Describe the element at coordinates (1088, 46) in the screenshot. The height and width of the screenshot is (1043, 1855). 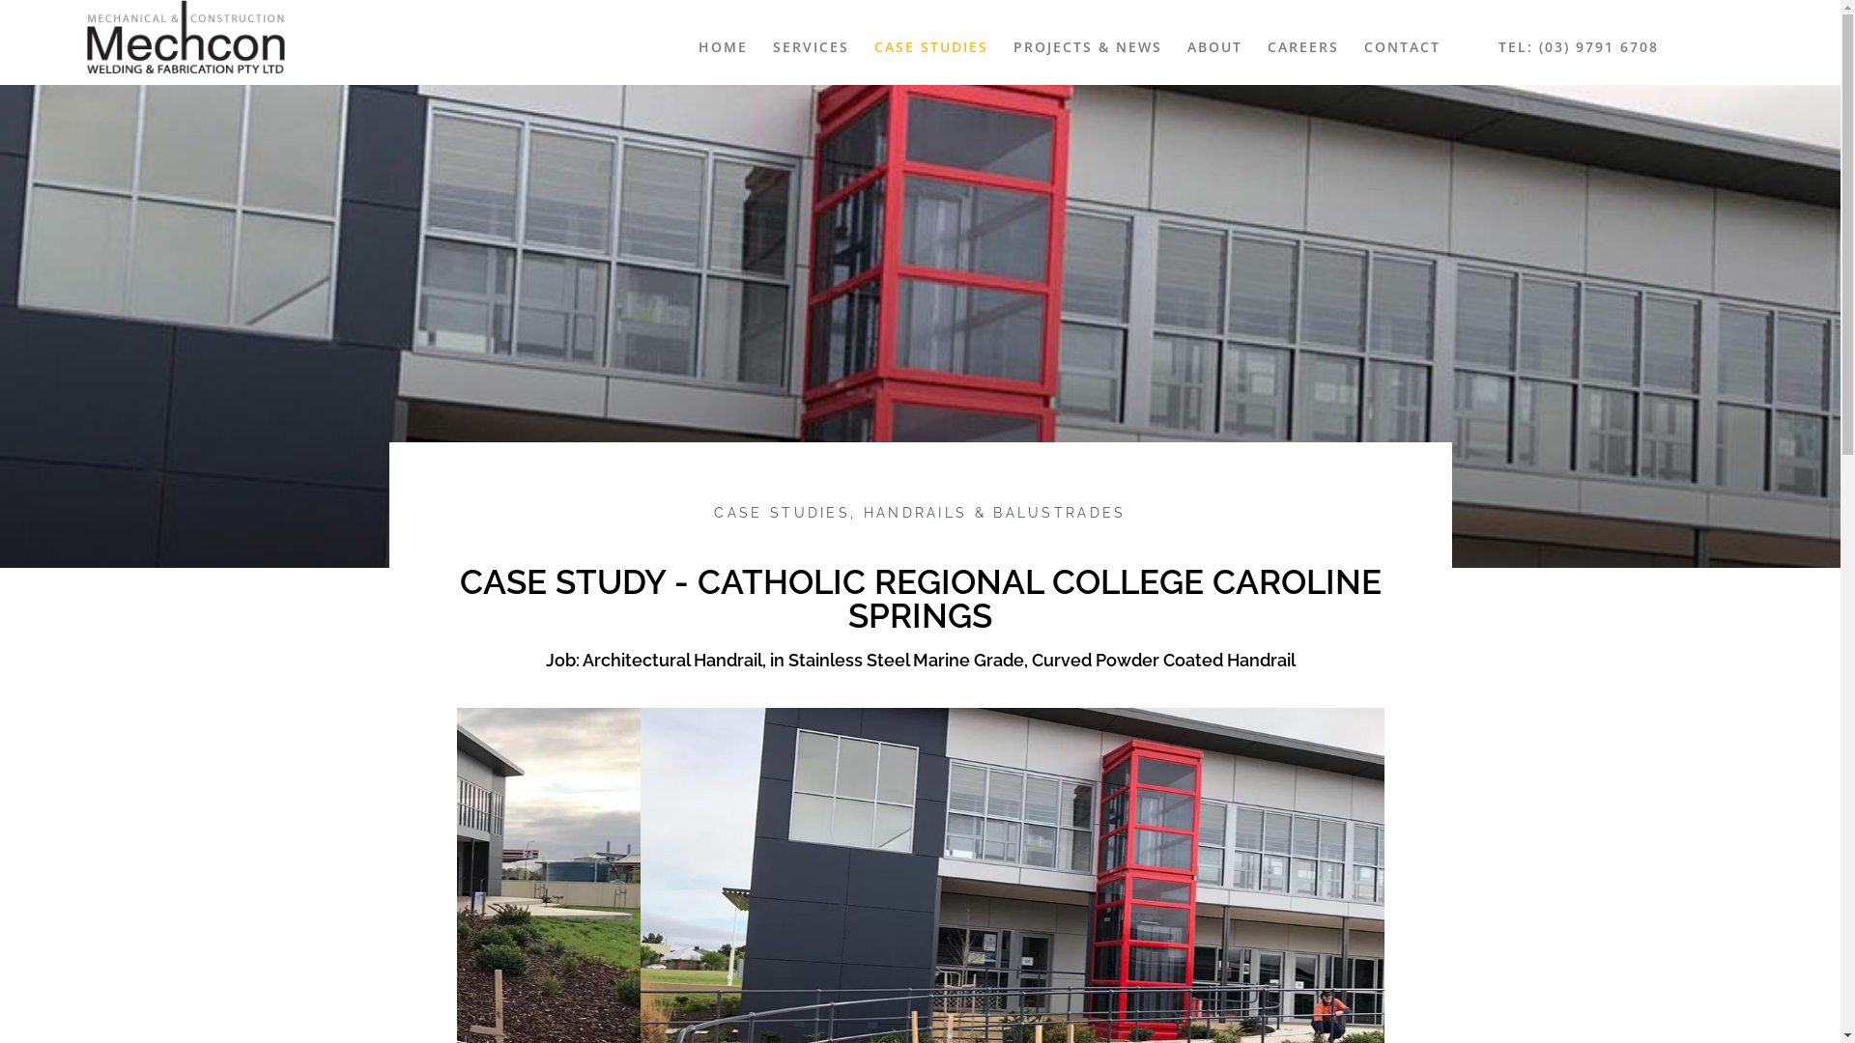
I see `'PROJECTS & NEWS'` at that location.